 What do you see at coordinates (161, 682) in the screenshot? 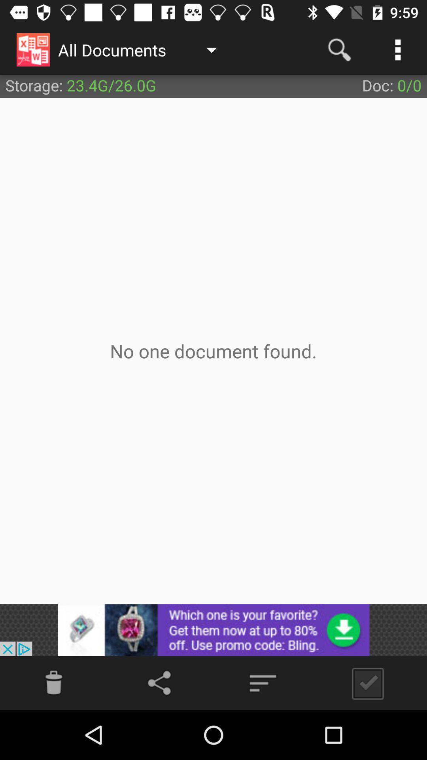
I see `the share icon` at bounding box center [161, 682].